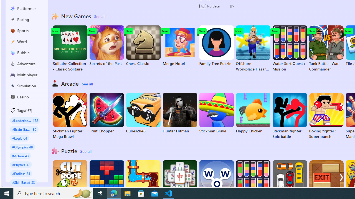  I want to click on '#Physics 37', so click(21, 164).